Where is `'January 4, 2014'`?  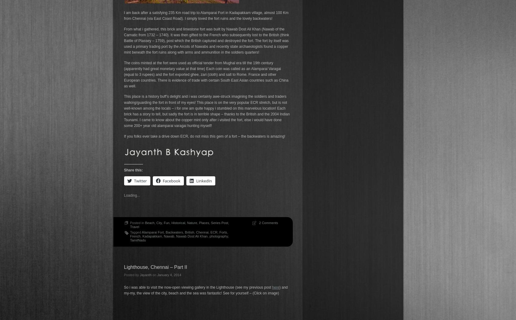
'January 4, 2014' is located at coordinates (169, 274).